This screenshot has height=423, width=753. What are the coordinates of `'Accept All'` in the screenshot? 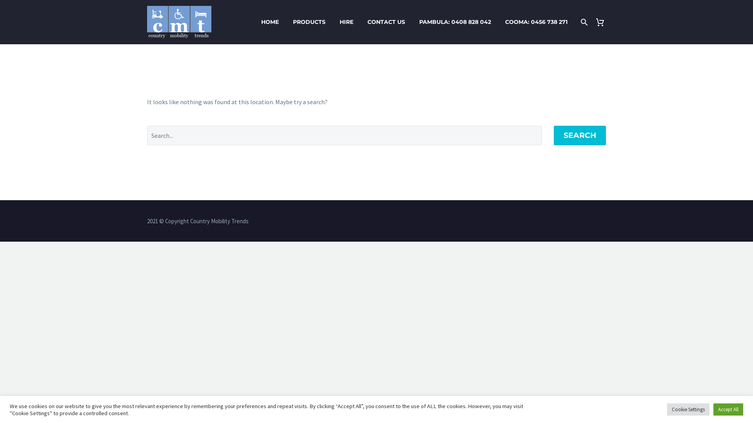 It's located at (728, 409).